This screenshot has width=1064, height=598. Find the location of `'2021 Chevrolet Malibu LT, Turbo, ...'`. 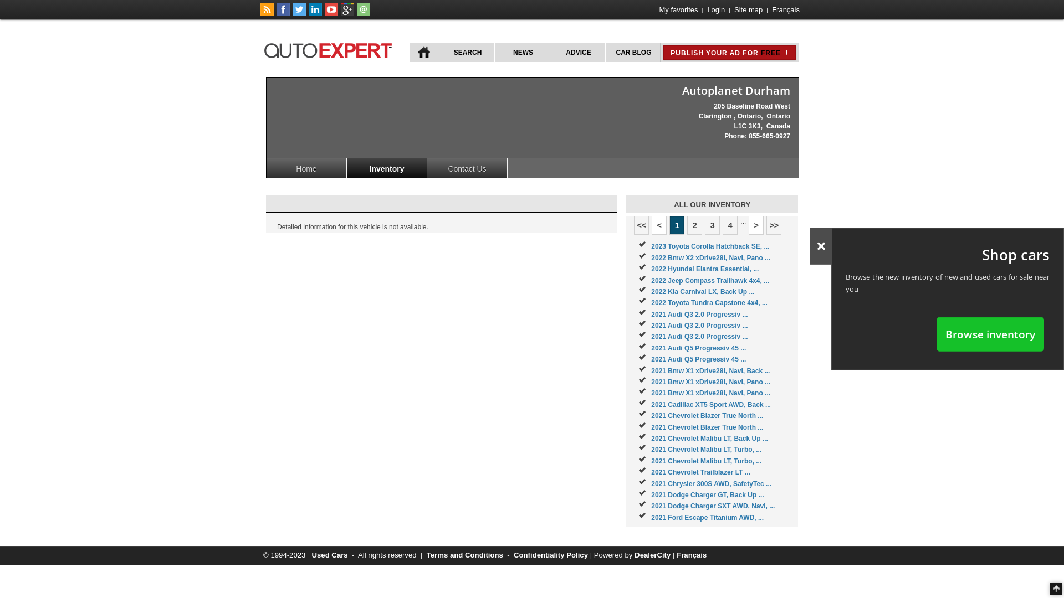

'2021 Chevrolet Malibu LT, Turbo, ...' is located at coordinates (651, 450).